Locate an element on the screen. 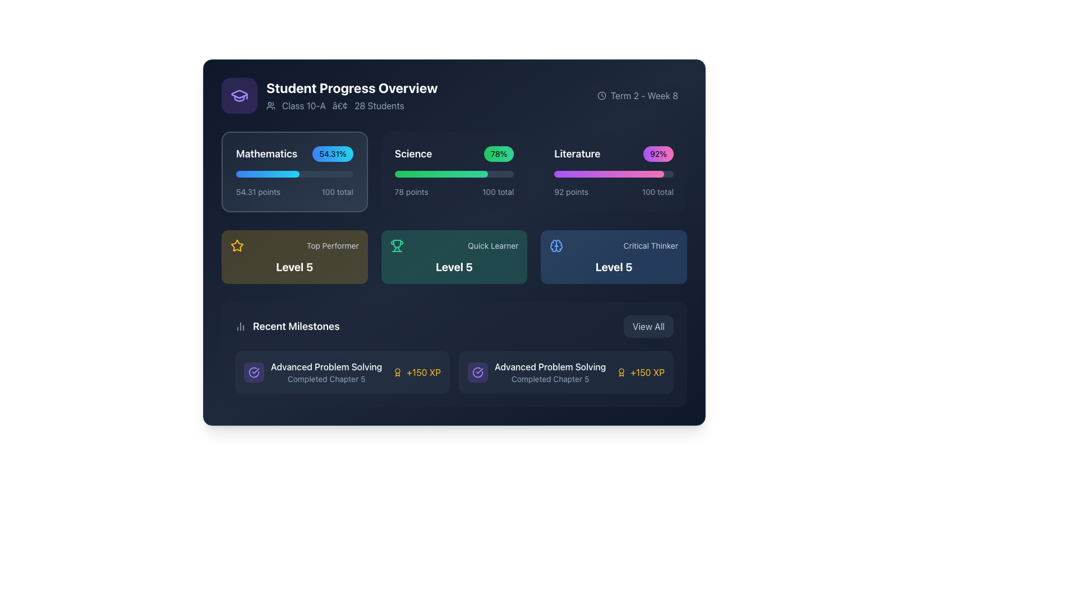 Image resolution: width=1077 pixels, height=605 pixels. the graphical icon representing recent milestones, located immediately to the left of the 'Recent Milestones' text is located at coordinates (240, 326).